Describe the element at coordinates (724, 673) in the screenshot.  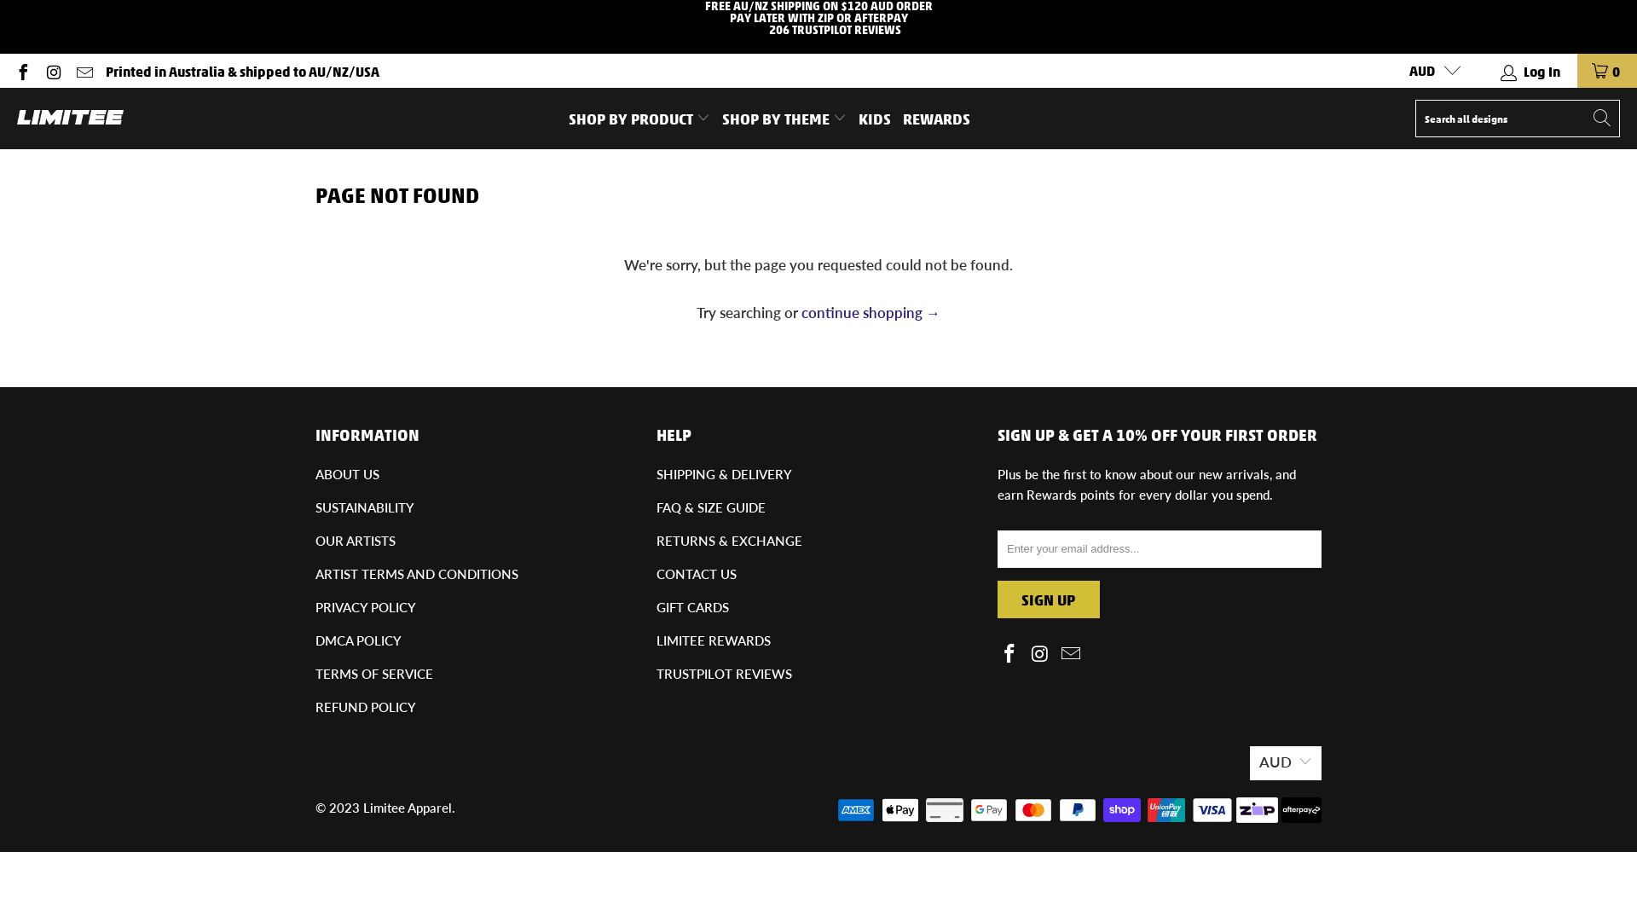
I see `'TRUSTPILOT REVIEWS'` at that location.